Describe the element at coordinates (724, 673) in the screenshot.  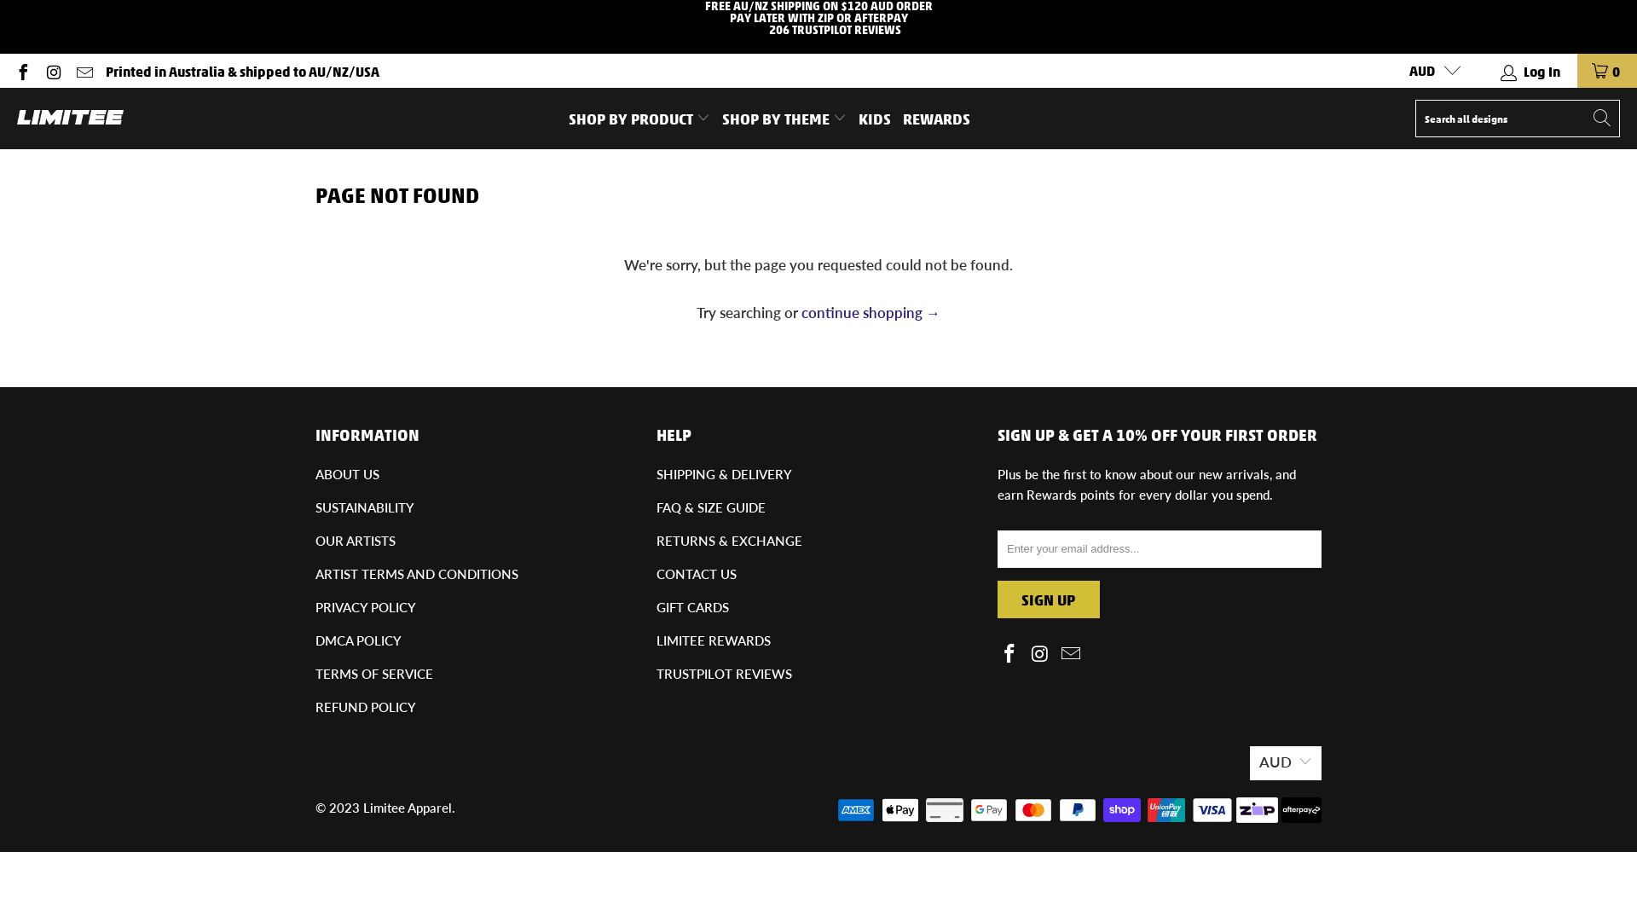
I see `'TRUSTPILOT REVIEWS'` at that location.